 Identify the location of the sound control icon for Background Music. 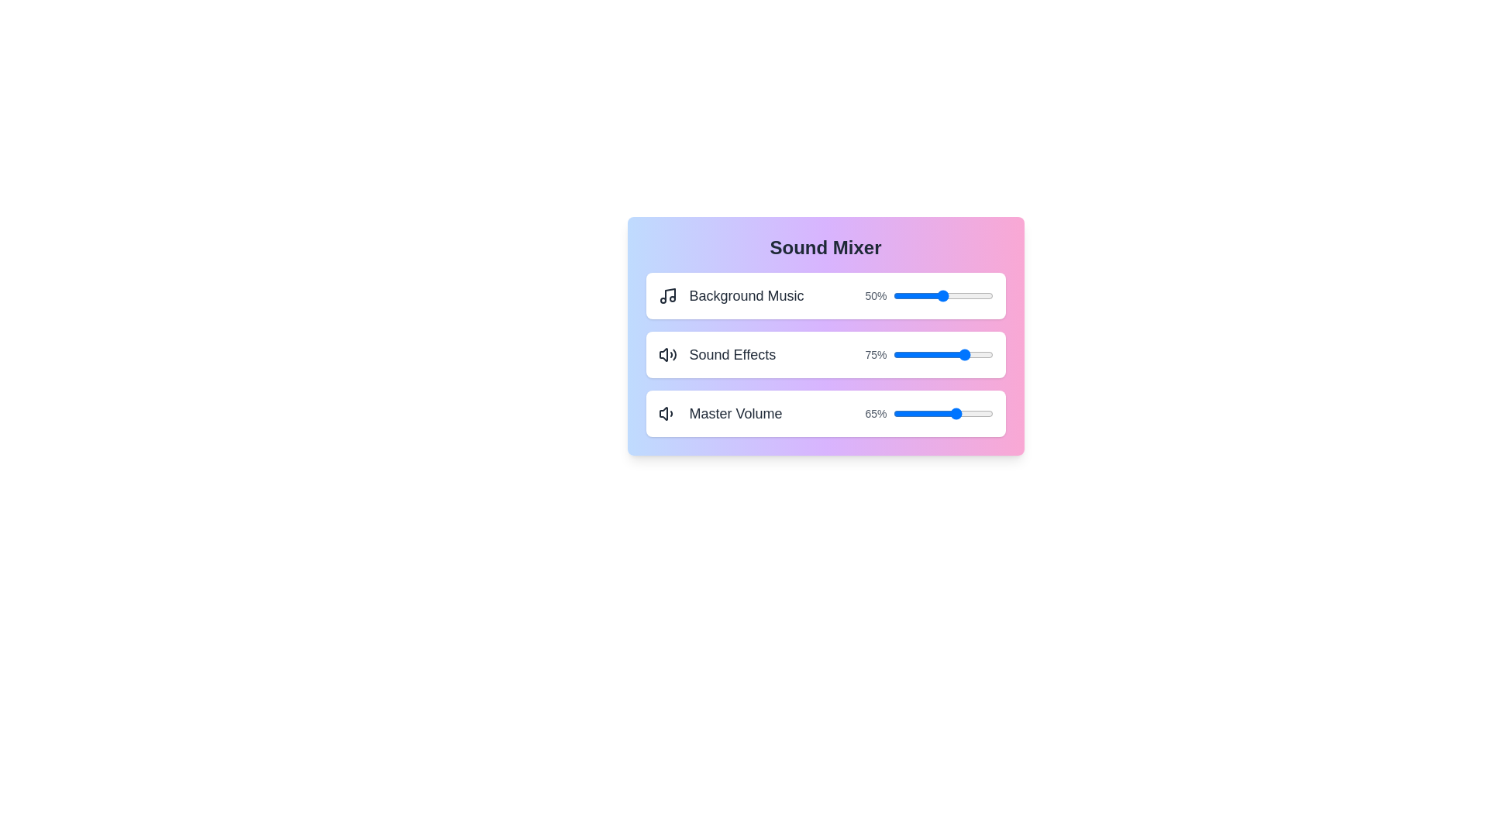
(667, 295).